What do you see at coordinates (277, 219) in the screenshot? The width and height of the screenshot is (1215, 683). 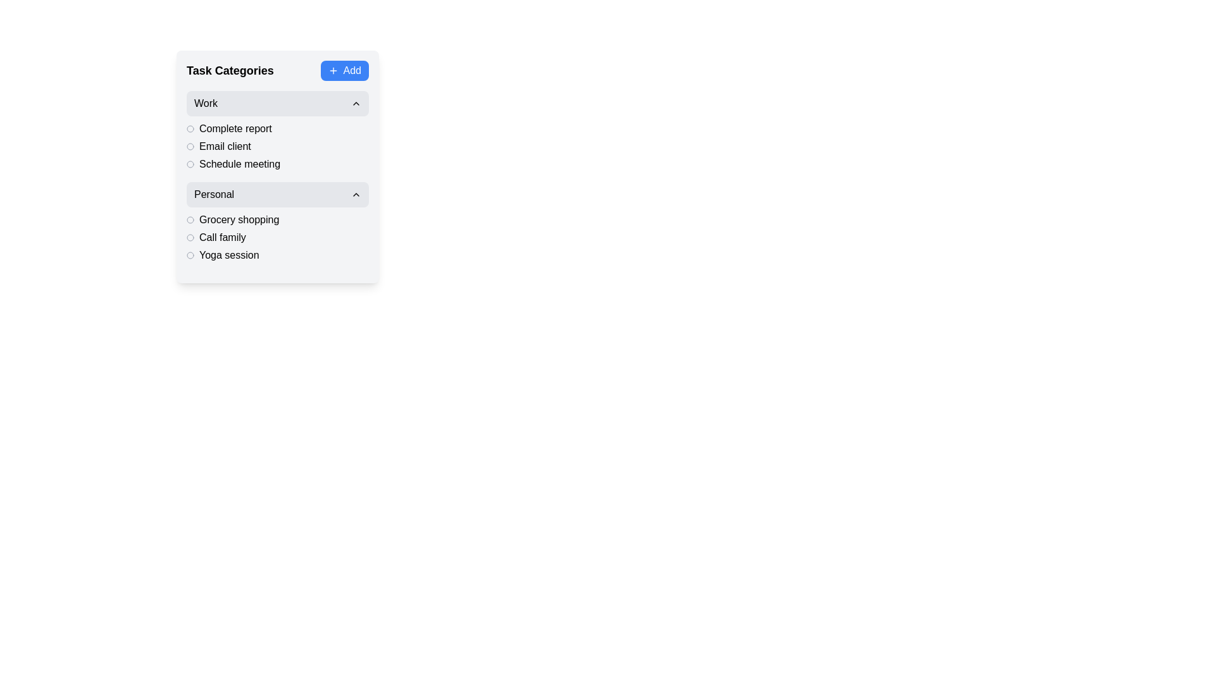 I see `the first task item in the 'Personal' category of the 'Task Categories' list` at bounding box center [277, 219].